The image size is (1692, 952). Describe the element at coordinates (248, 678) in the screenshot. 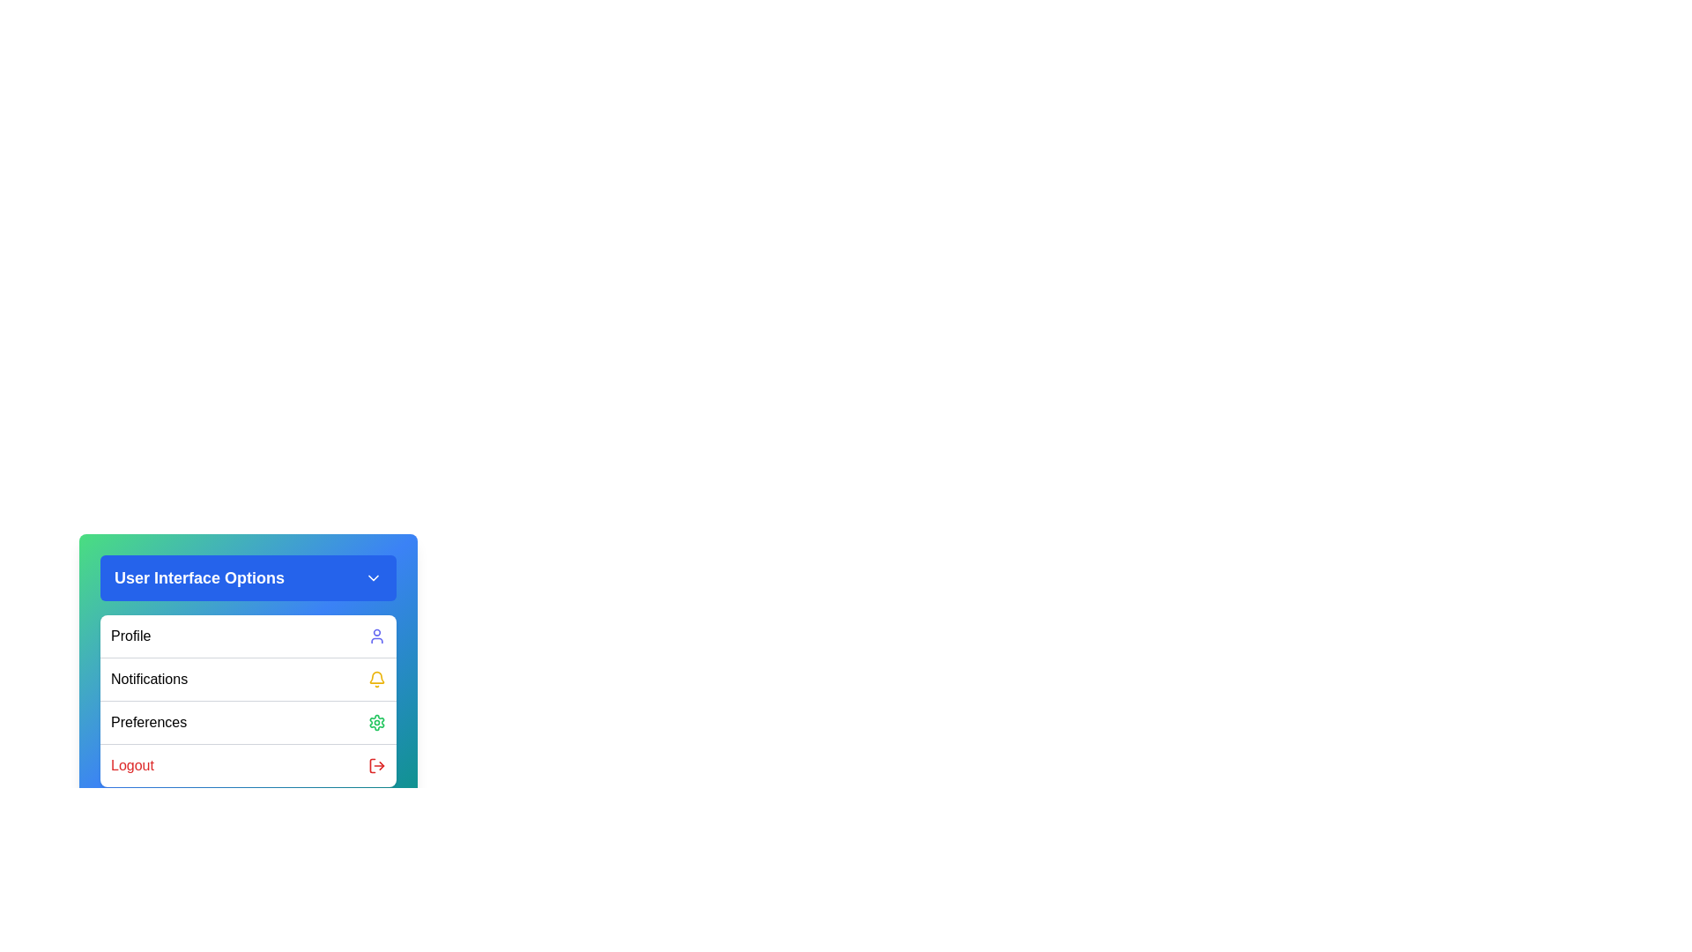

I see `the 'Notifications' option in the menu` at that location.